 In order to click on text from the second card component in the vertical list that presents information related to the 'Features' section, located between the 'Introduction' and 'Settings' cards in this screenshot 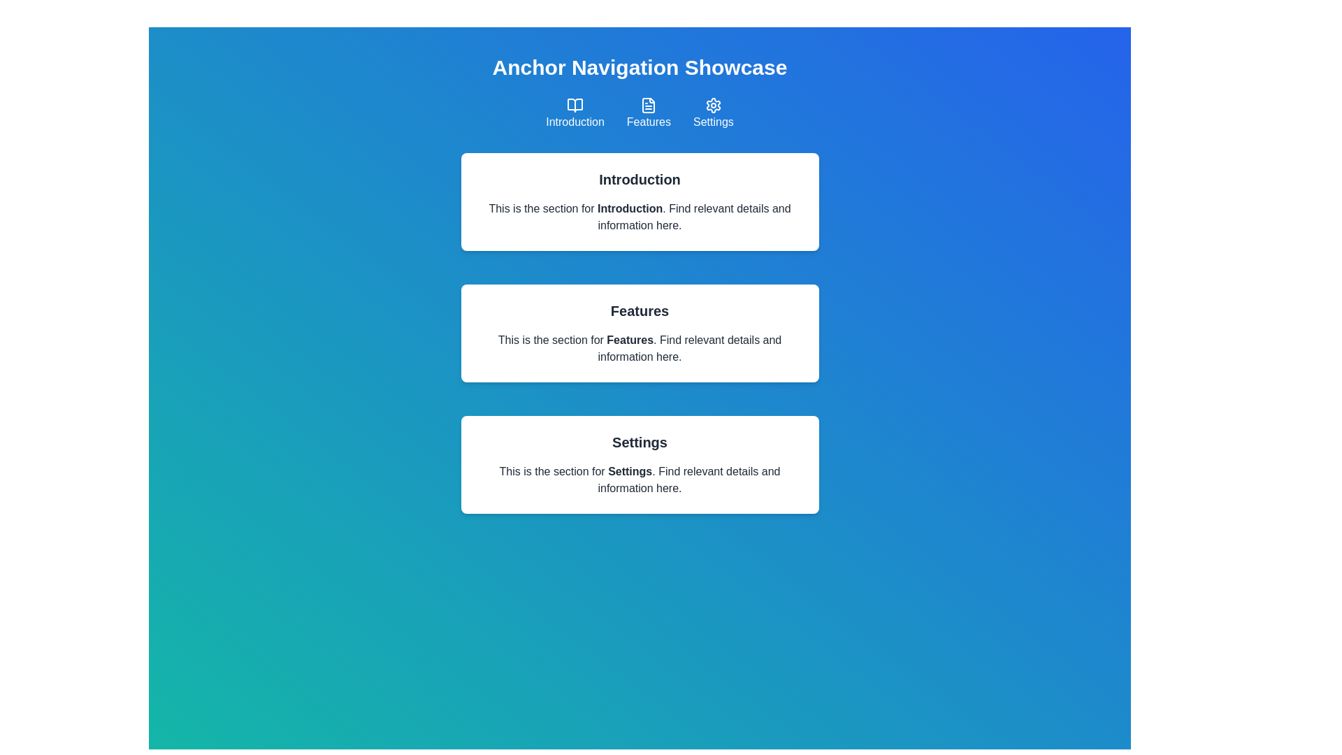, I will do `click(639, 333)`.